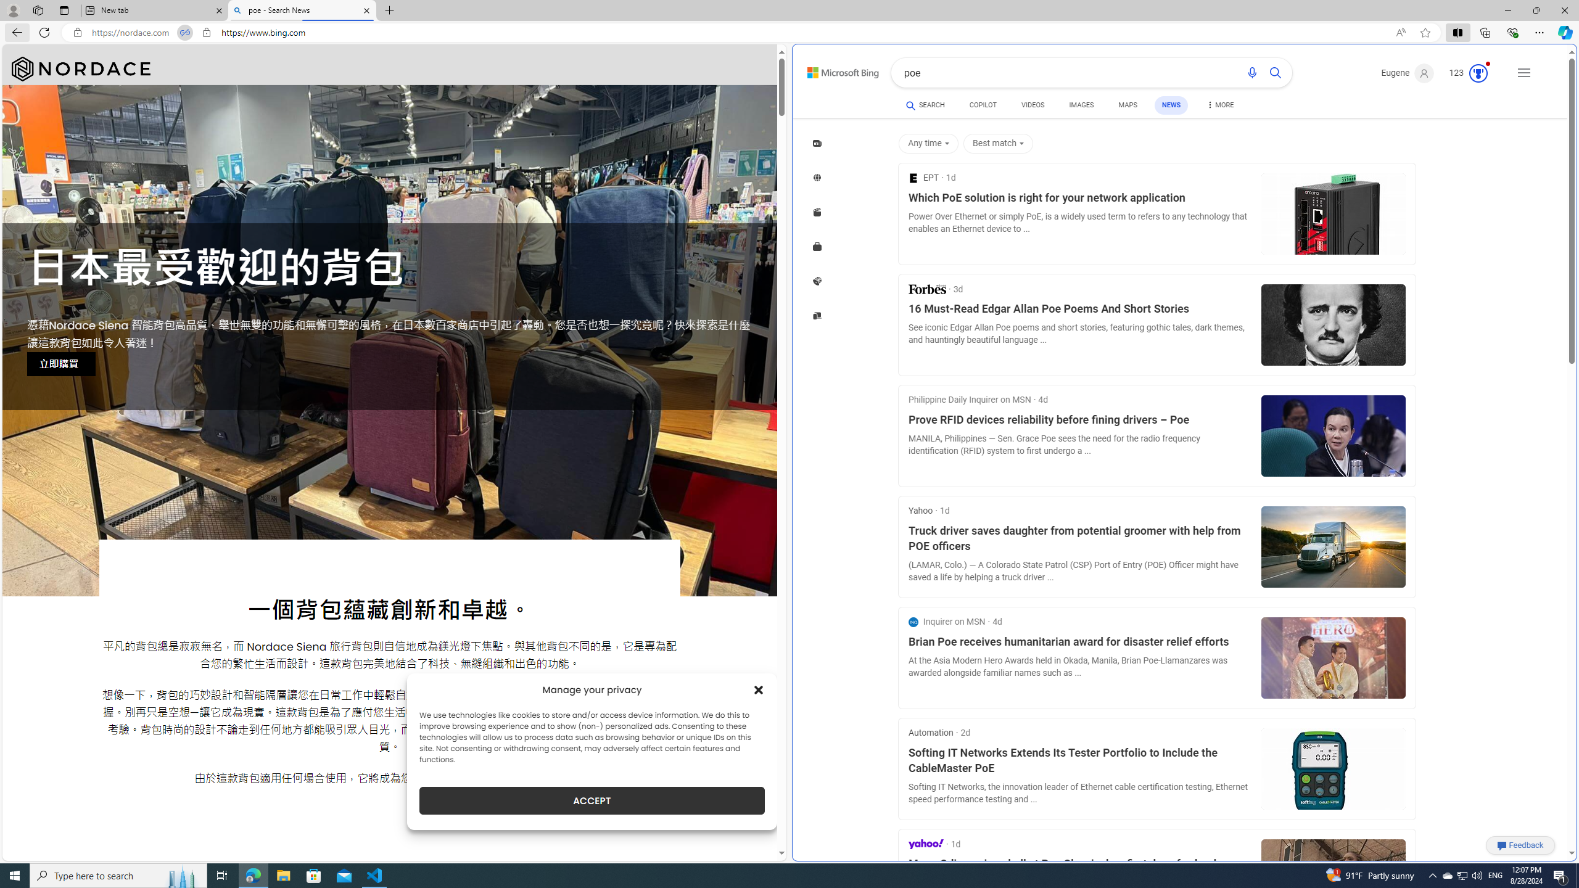 The image size is (1579, 888). I want to click on 'Best match', so click(1000, 144).